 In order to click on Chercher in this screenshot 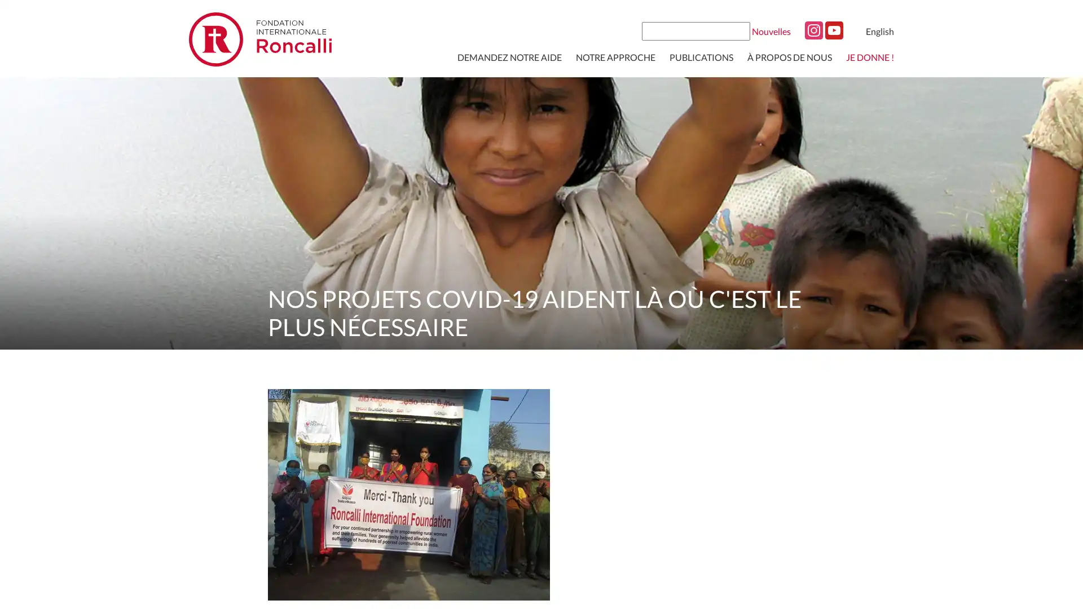, I will do `click(740, 30)`.